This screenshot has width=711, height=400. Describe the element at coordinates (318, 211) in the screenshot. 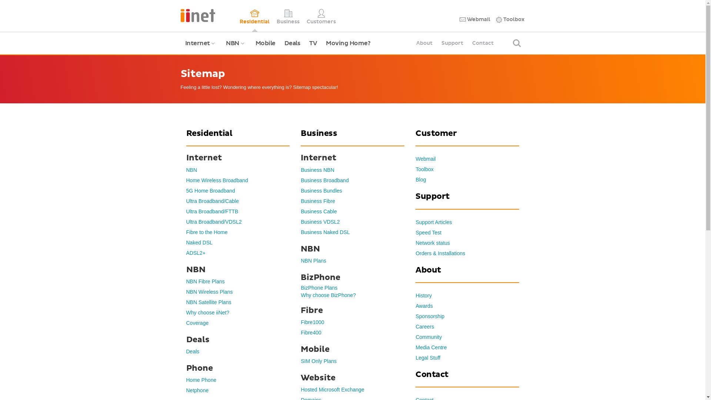

I see `'Business Cable'` at that location.